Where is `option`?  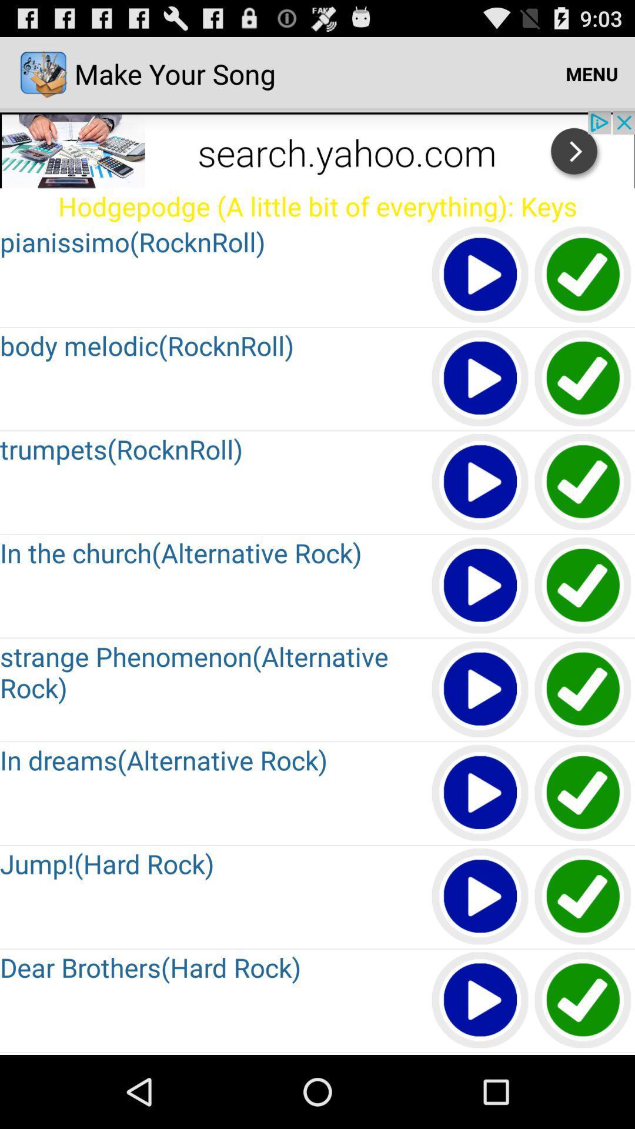
option is located at coordinates (583, 482).